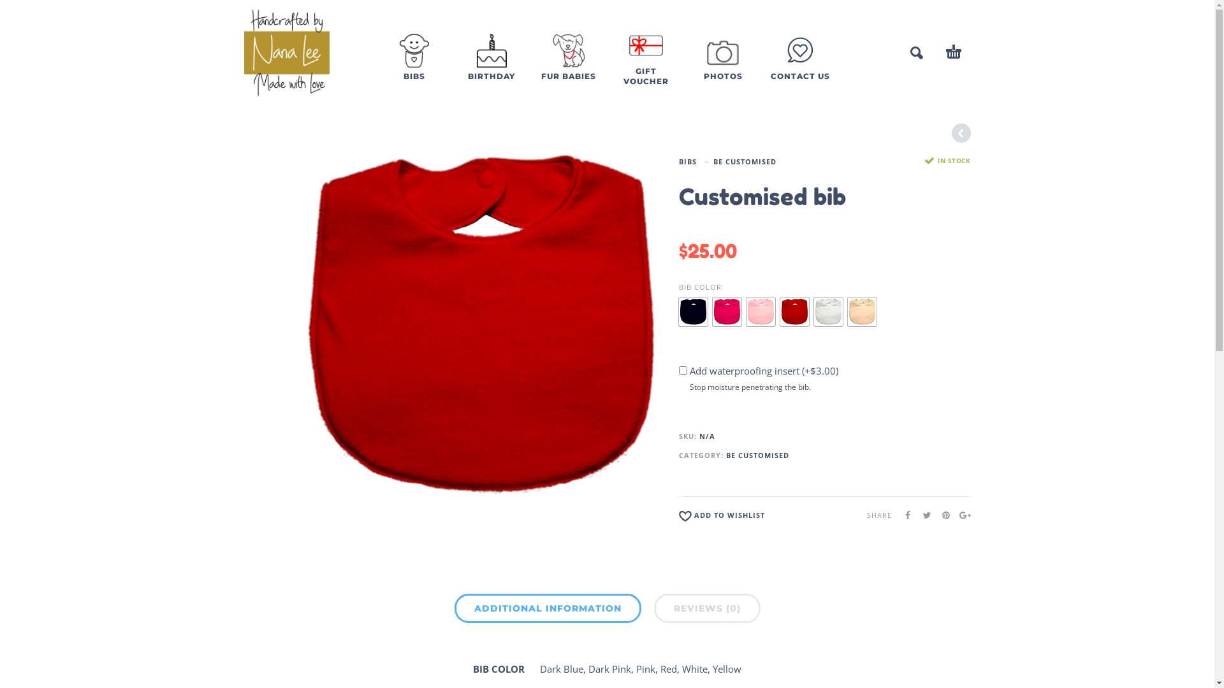 Image resolution: width=1224 pixels, height=688 pixels. Describe the element at coordinates (645, 68) in the screenshot. I see `'GIFT VOUCHER'` at that location.